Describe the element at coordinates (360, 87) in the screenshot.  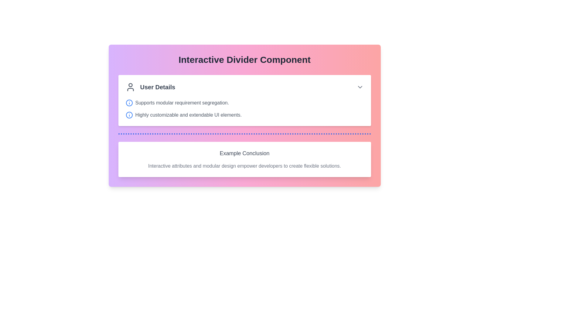
I see `the downward-facing arrow icon, which serves as a dropdown toggle for the 'User Details' header, located on the far-right side of the header` at that location.